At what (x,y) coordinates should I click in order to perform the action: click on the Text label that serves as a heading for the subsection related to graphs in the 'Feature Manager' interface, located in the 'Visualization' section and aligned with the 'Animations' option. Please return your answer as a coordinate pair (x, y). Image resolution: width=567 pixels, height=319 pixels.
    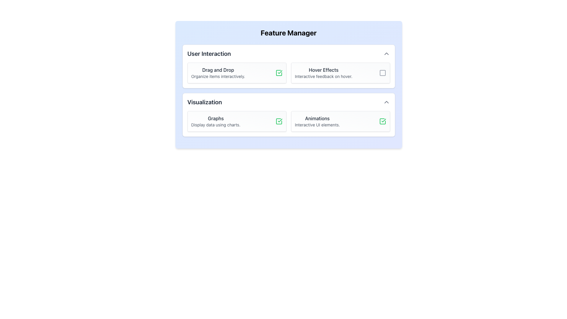
    Looking at the image, I should click on (215, 118).